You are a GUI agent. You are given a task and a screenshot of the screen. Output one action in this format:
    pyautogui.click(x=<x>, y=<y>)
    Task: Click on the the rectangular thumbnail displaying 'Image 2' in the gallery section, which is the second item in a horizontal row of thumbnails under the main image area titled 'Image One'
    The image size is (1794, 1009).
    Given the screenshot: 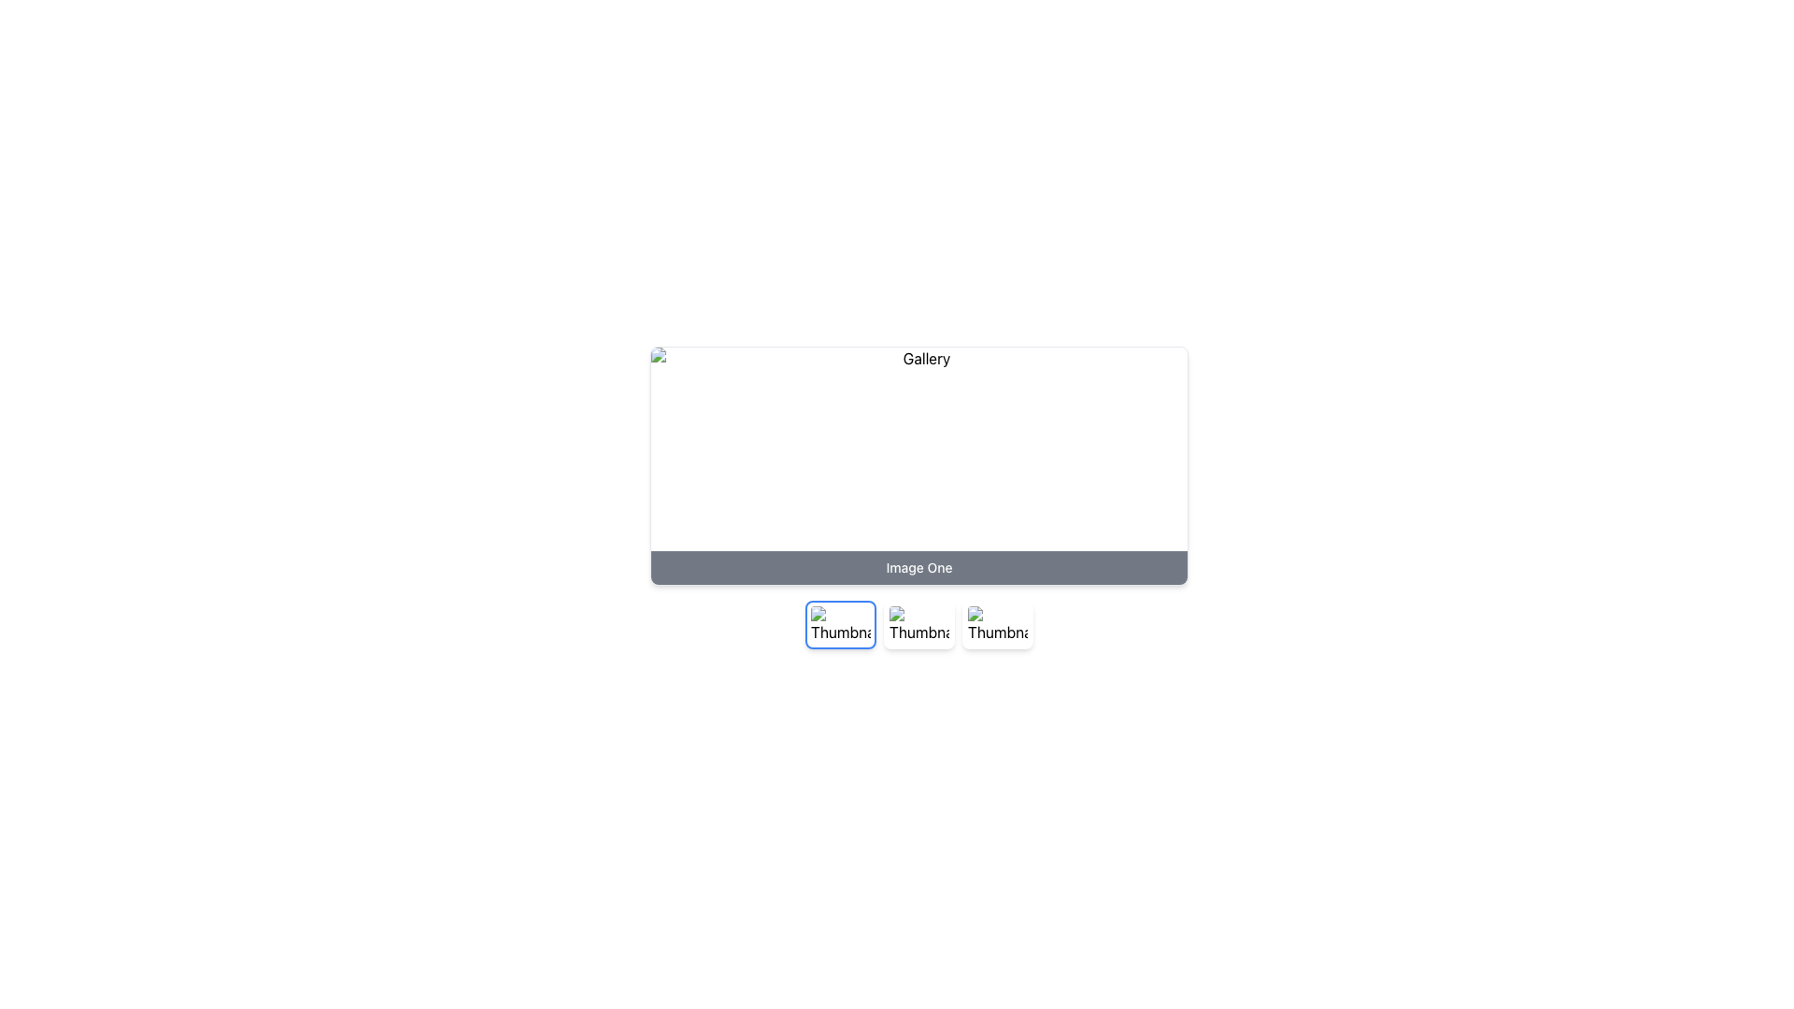 What is the action you would take?
    pyautogui.click(x=918, y=624)
    